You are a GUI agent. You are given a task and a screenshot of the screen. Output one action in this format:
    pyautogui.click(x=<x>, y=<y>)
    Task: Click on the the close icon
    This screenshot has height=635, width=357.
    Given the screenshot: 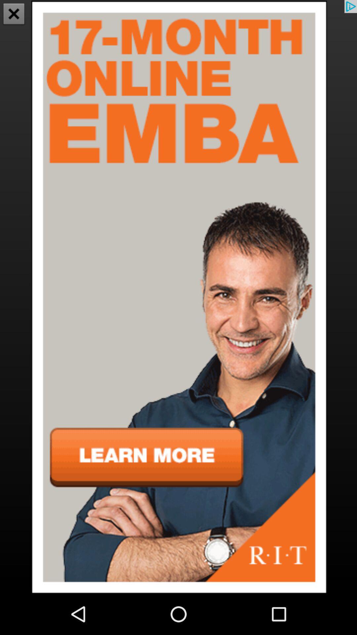 What is the action you would take?
    pyautogui.click(x=14, y=15)
    